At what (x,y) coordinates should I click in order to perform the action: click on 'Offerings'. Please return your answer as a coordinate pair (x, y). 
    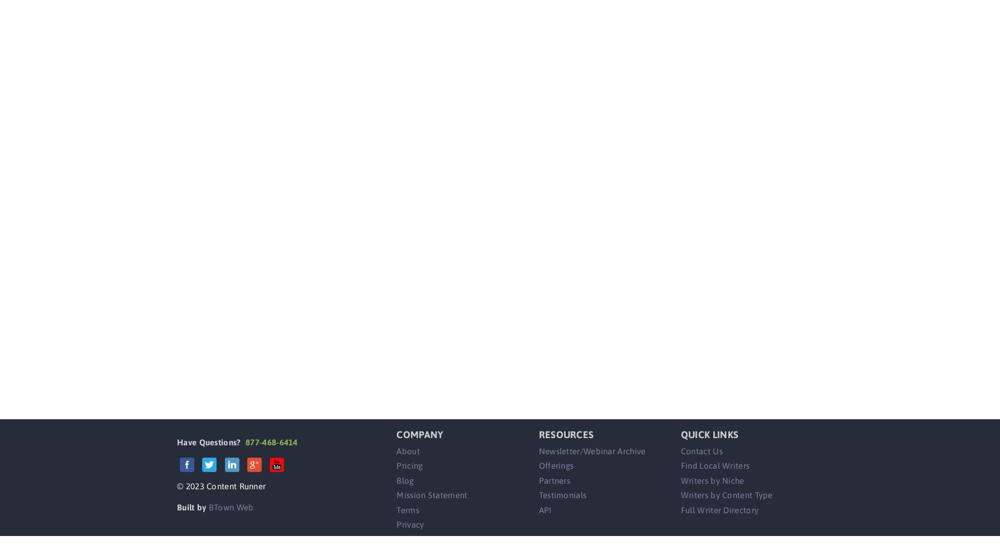
    Looking at the image, I should click on (555, 465).